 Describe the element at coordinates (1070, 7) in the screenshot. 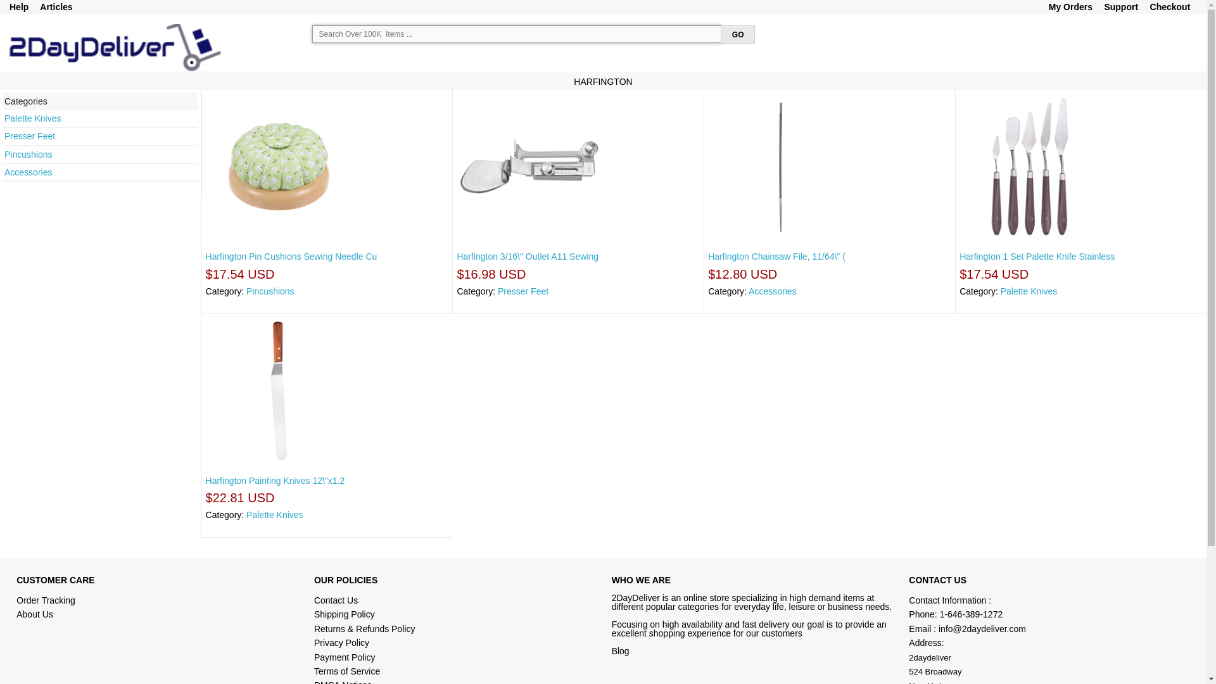

I see `'My Orders'` at that location.